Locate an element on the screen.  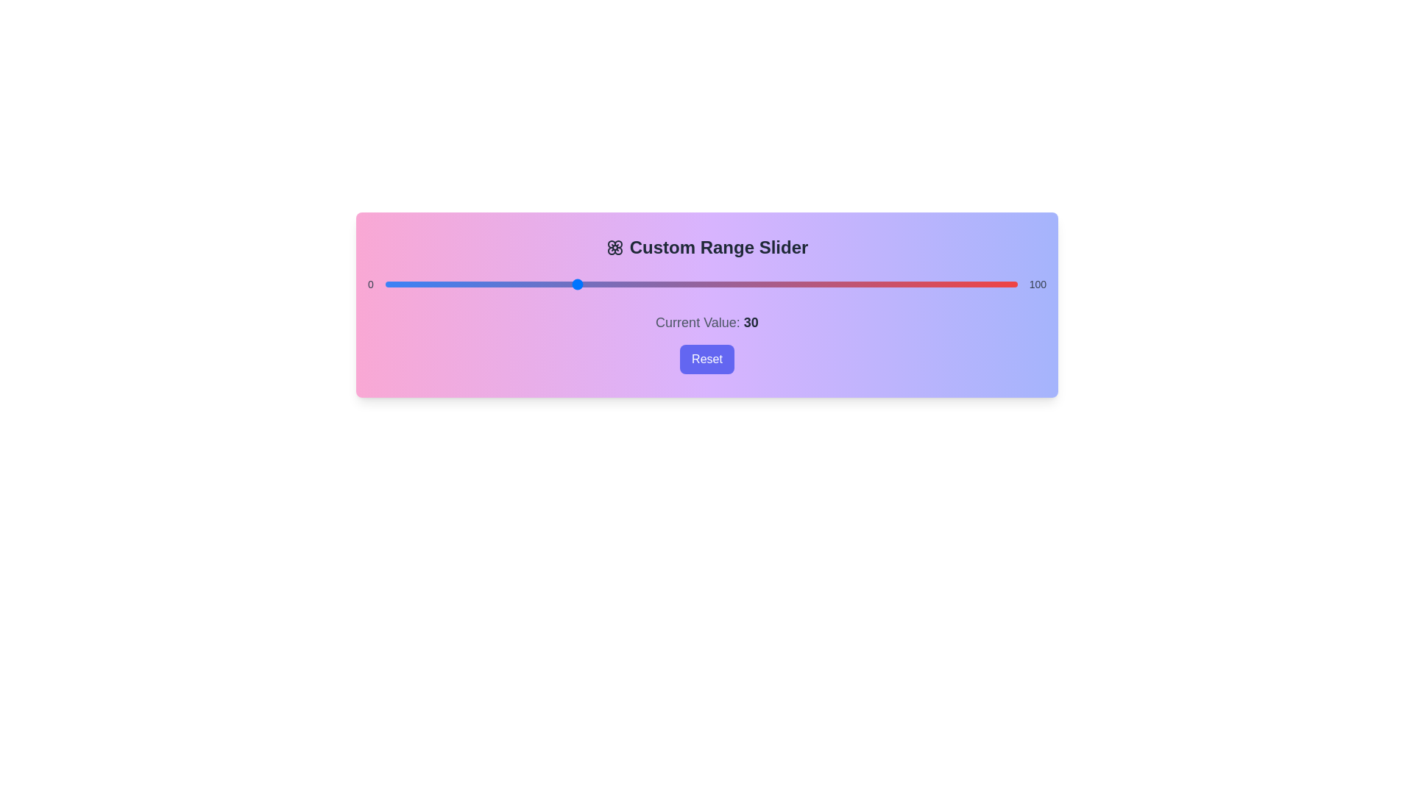
Reset button to reset the slider value is located at coordinates (706, 360).